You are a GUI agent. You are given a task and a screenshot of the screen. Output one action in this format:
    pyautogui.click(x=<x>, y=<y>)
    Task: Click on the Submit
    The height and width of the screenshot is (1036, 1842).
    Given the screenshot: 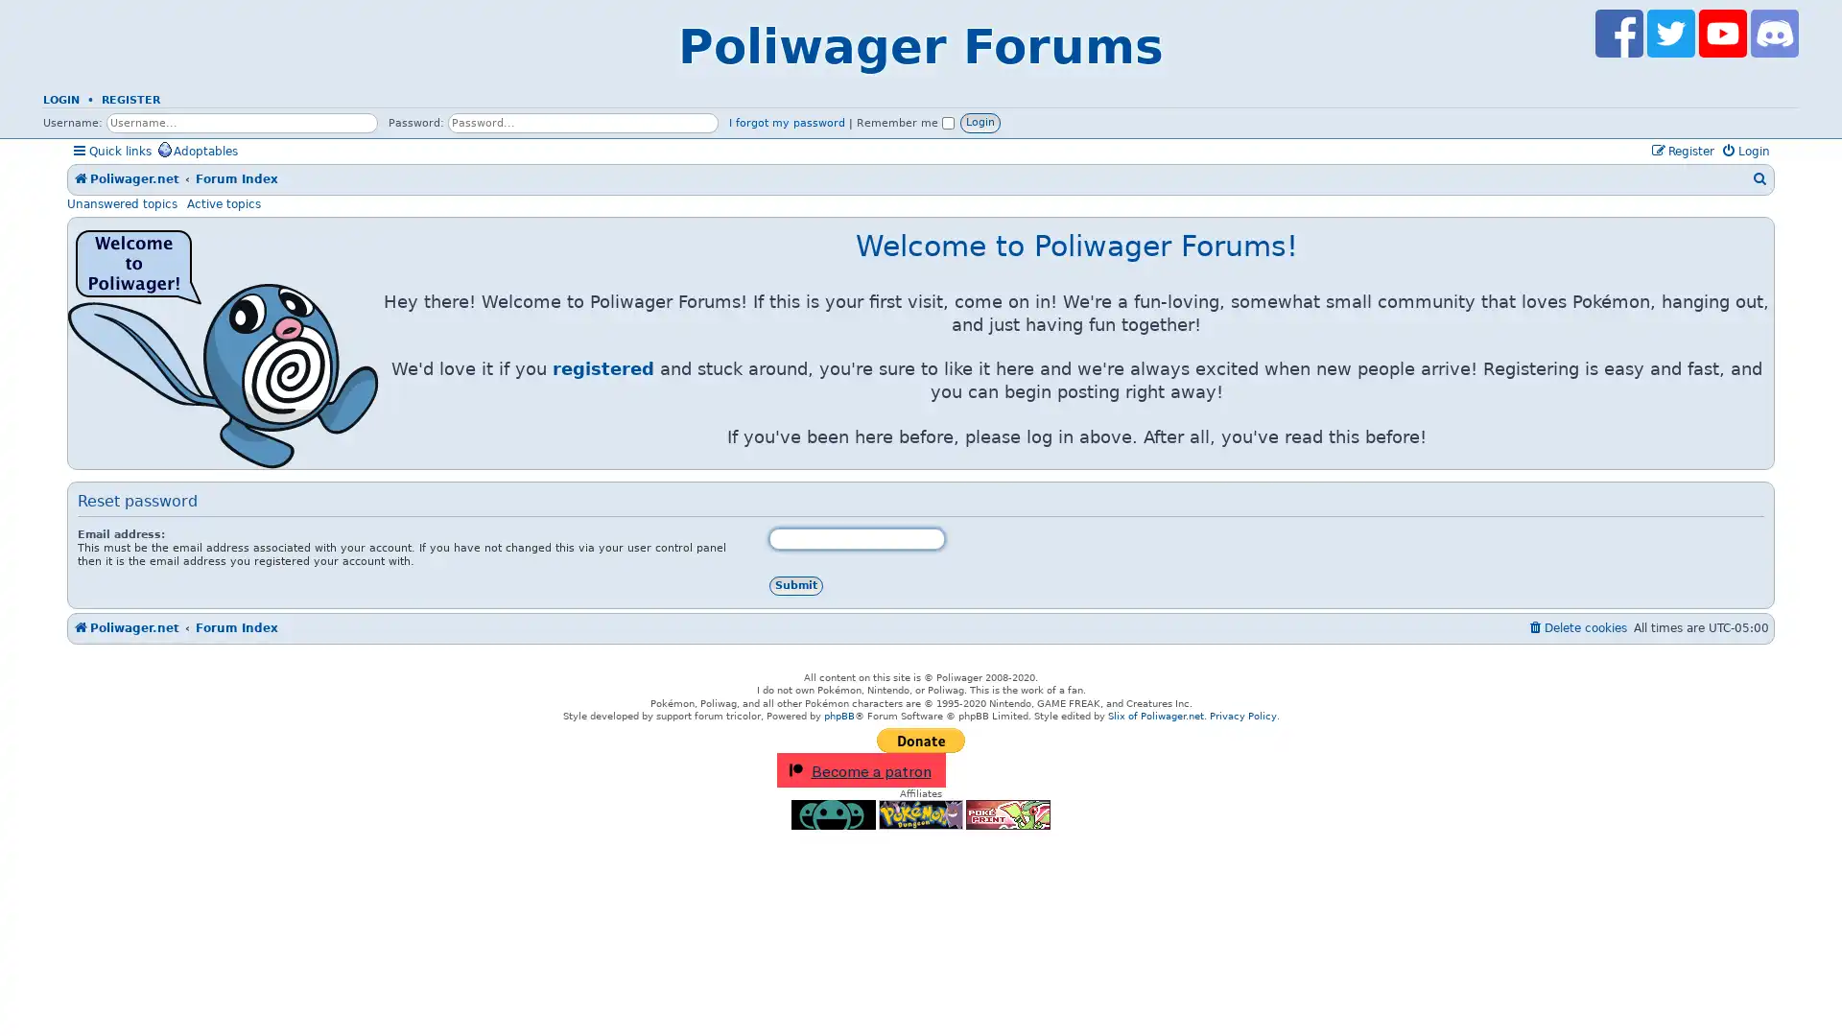 What is the action you would take?
    pyautogui.click(x=795, y=584)
    